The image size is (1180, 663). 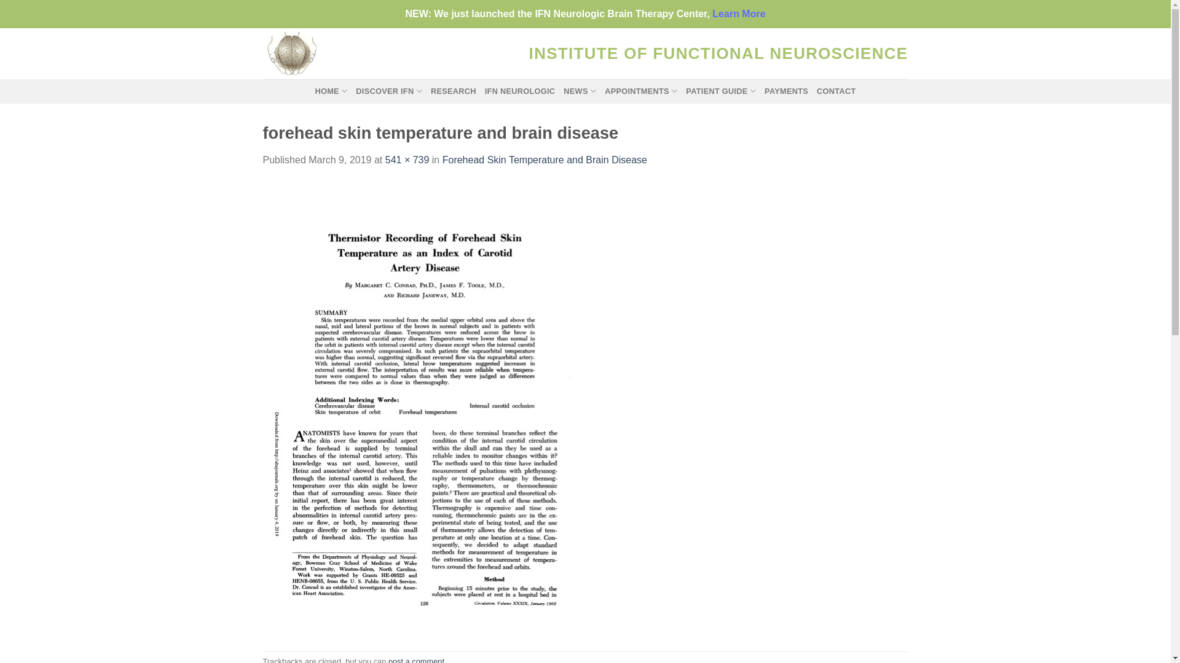 I want to click on 'Learn More', so click(x=737, y=14).